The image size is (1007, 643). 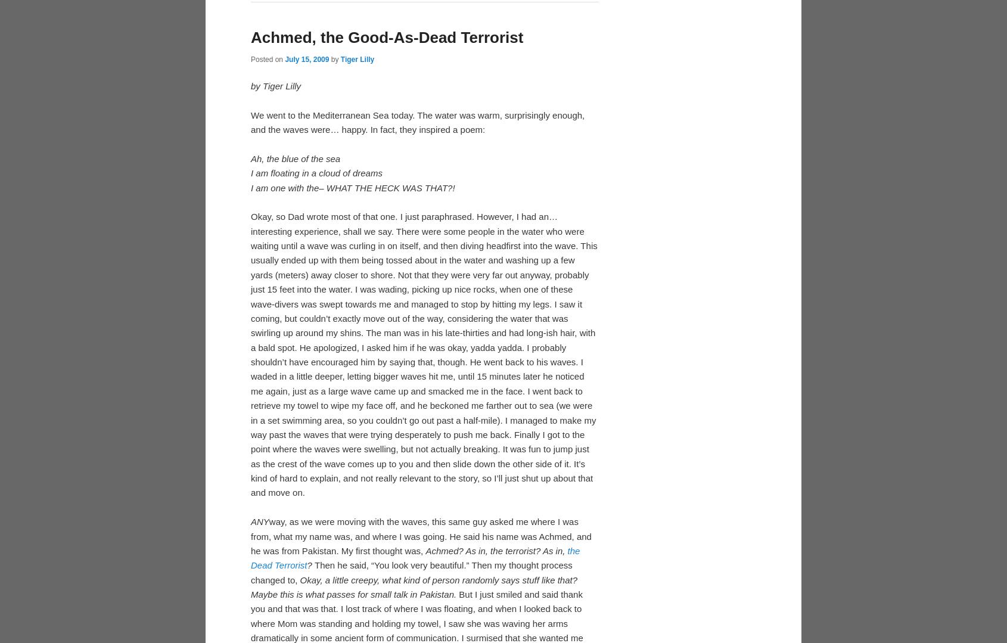 I want to click on '4', so click(x=439, y=175).